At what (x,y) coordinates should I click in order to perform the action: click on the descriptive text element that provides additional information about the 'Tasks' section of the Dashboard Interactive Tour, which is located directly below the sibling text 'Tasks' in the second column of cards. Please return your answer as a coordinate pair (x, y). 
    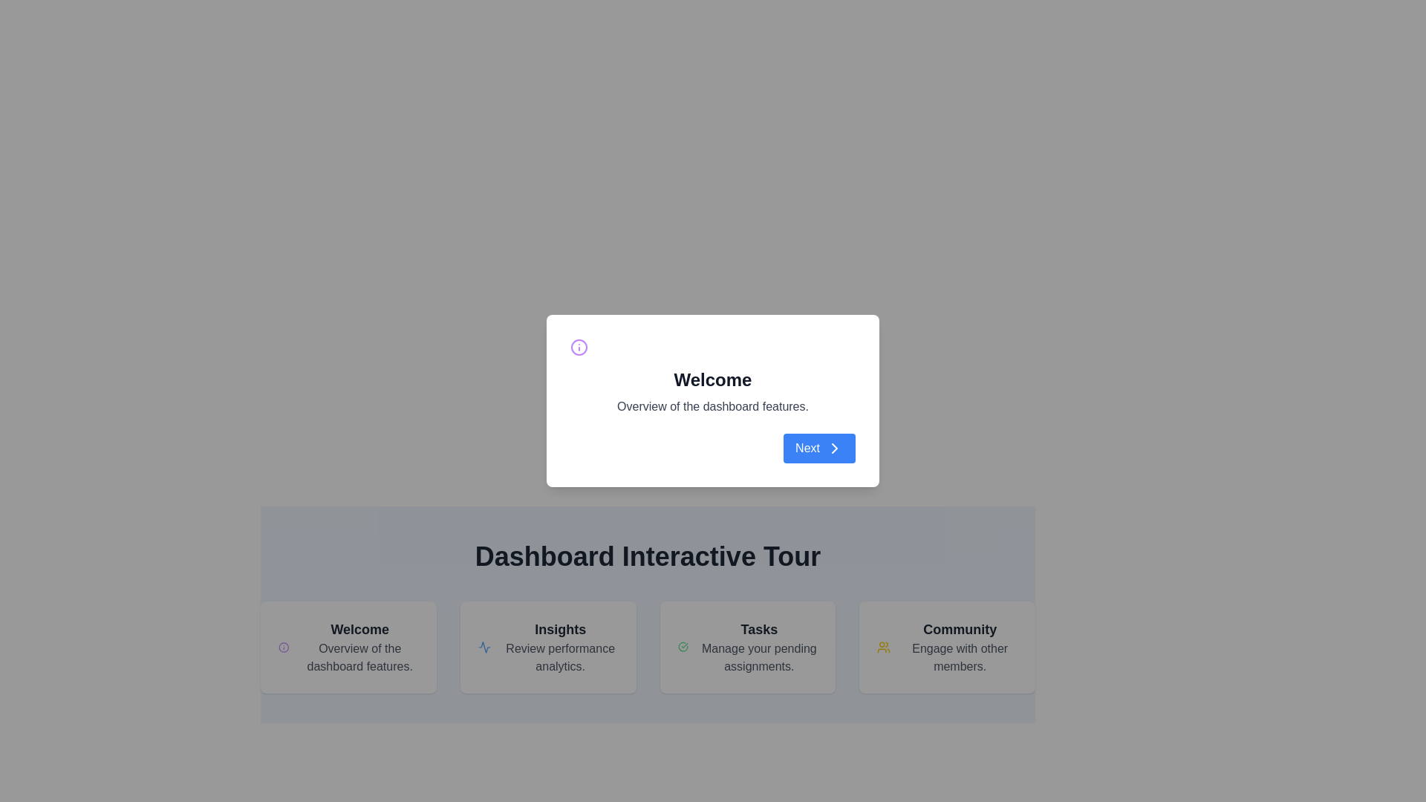
    Looking at the image, I should click on (759, 657).